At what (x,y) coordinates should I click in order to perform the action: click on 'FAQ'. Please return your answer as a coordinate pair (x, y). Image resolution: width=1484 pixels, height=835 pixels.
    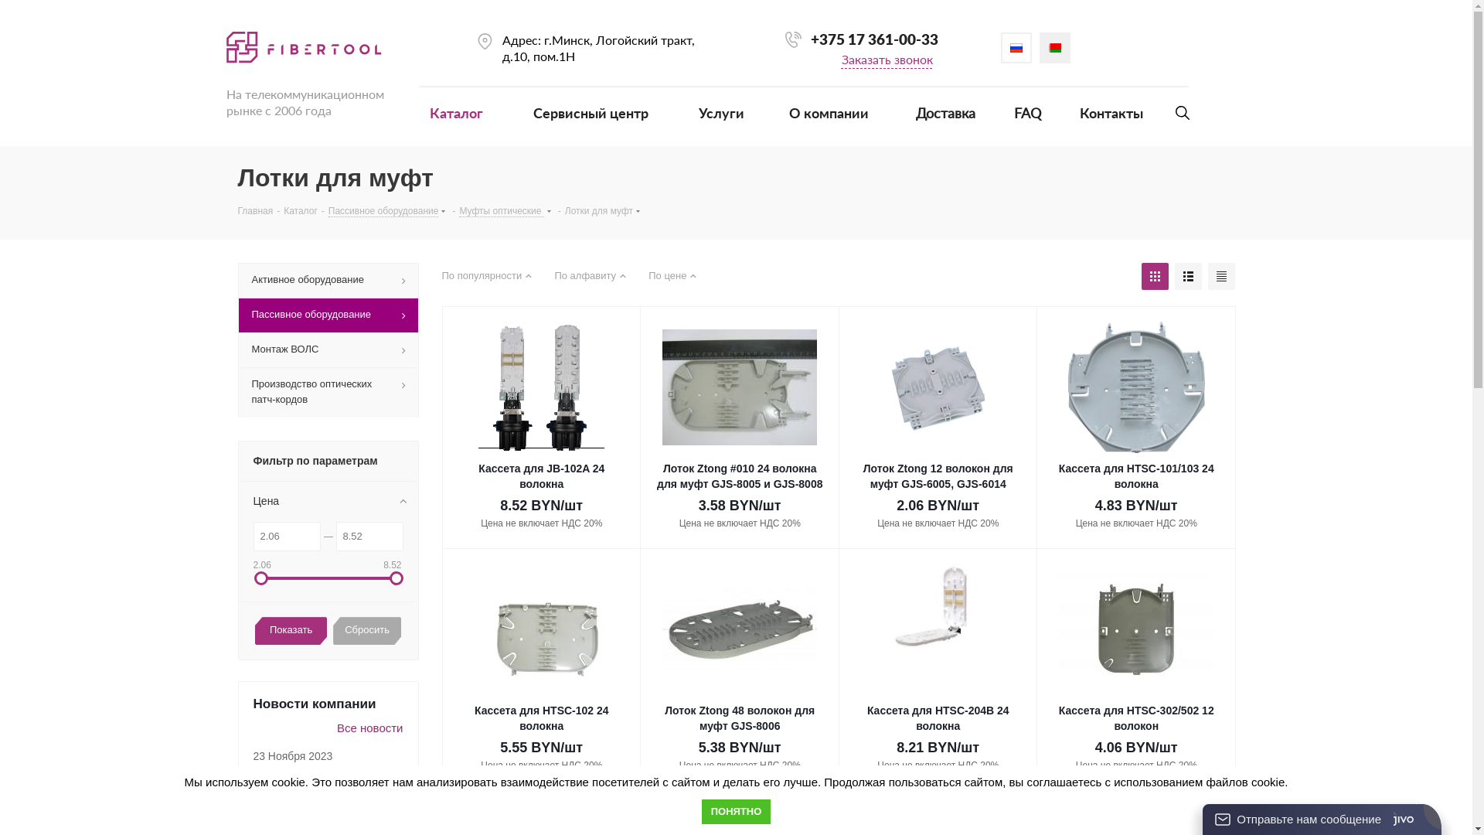
    Looking at the image, I should click on (1005, 107).